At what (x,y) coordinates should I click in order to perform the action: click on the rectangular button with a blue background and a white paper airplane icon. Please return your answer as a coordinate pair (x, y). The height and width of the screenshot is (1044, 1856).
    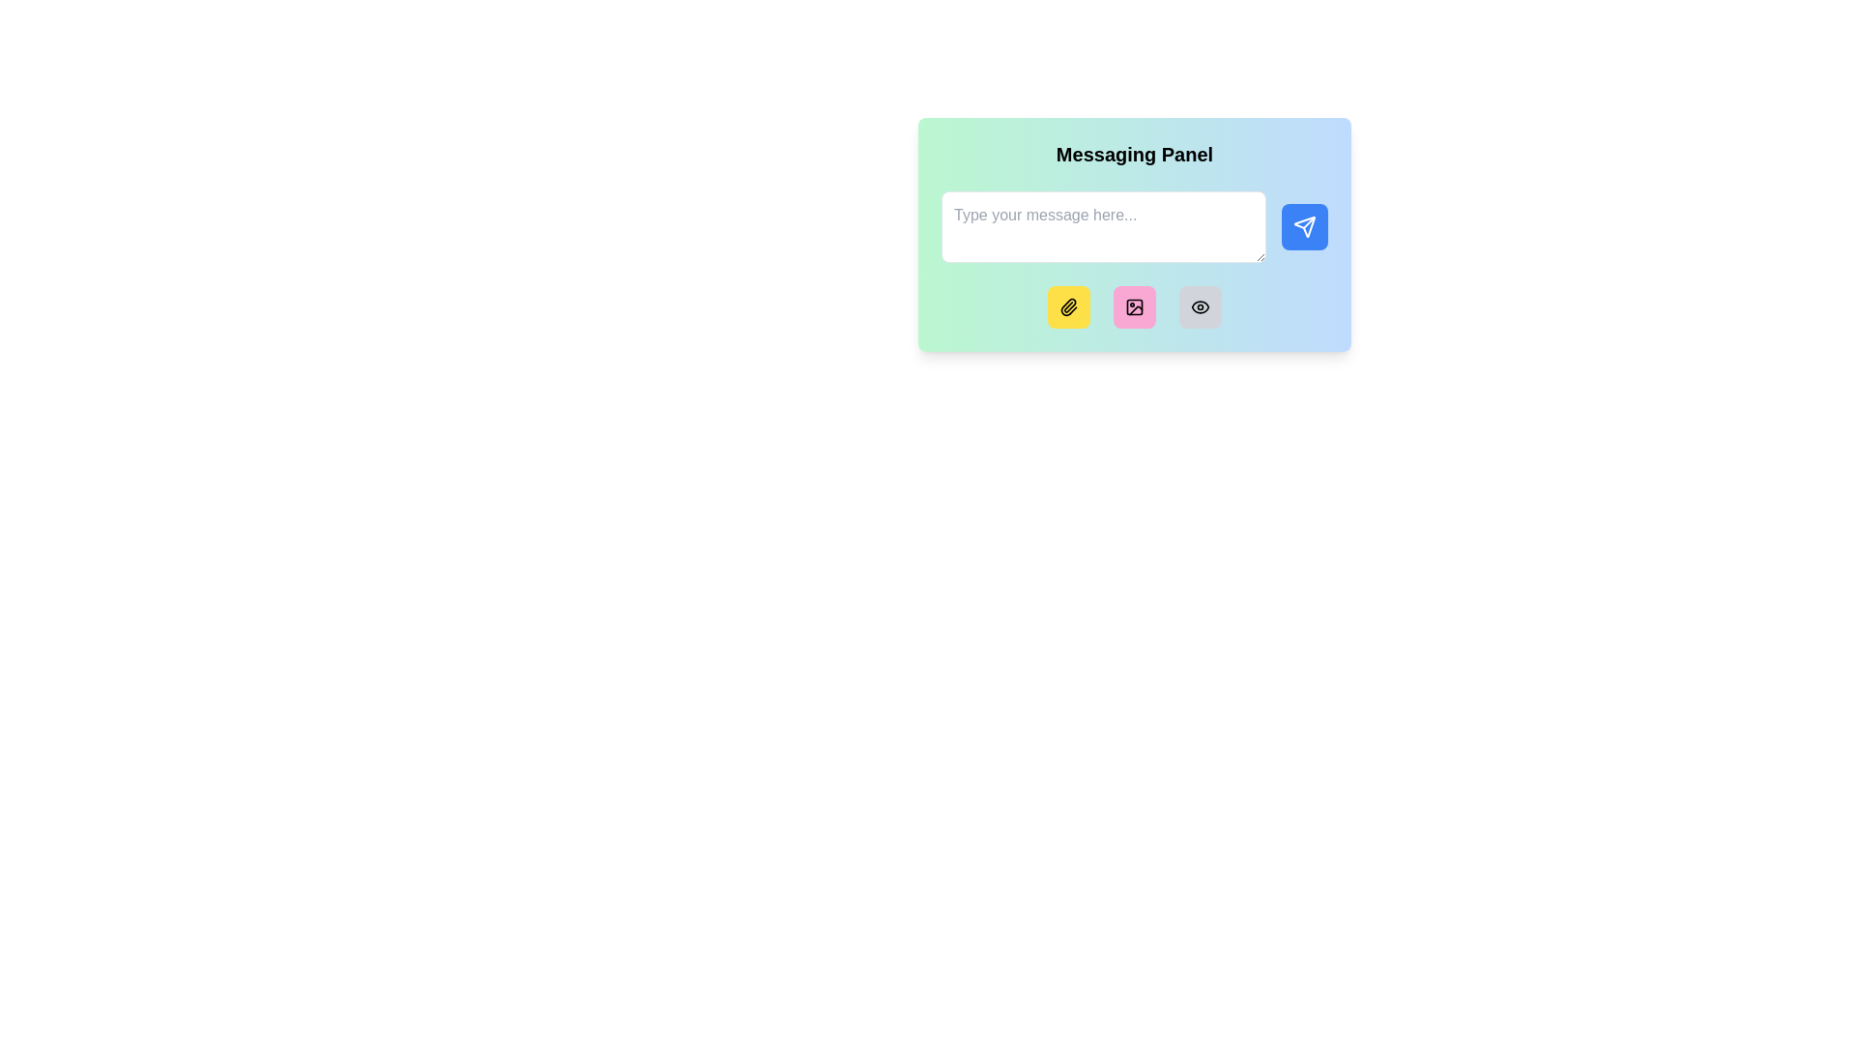
    Looking at the image, I should click on (1304, 226).